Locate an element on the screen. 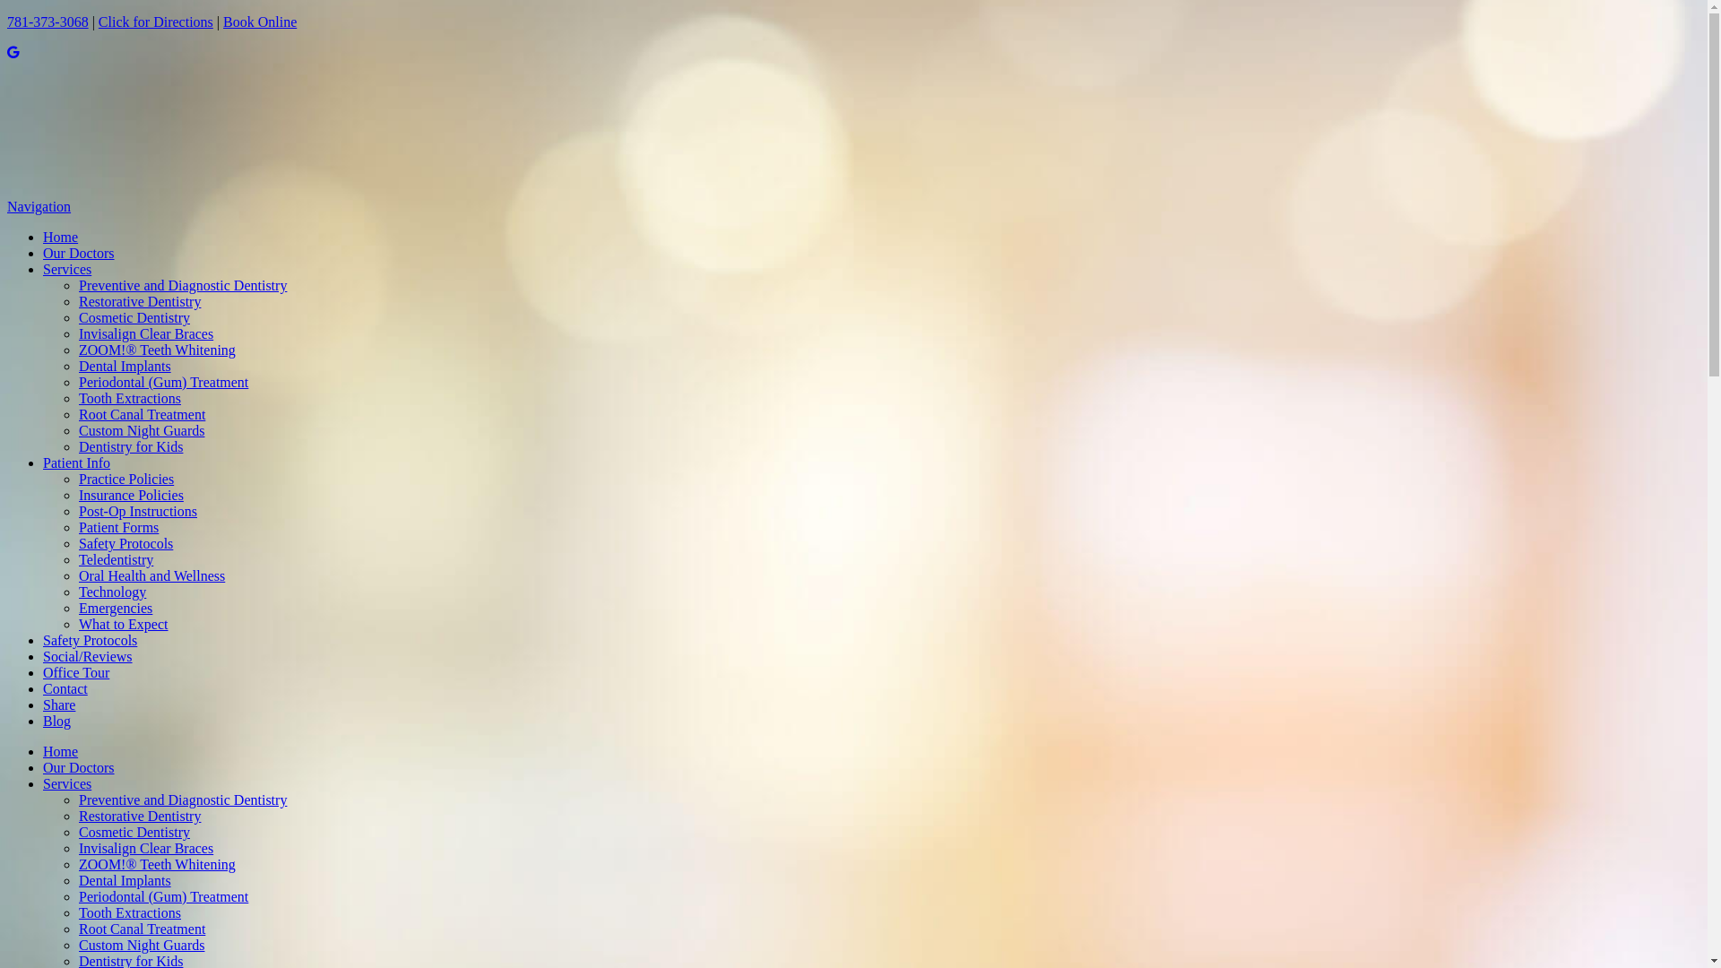 Image resolution: width=1721 pixels, height=968 pixels. 'Services' is located at coordinates (67, 269).